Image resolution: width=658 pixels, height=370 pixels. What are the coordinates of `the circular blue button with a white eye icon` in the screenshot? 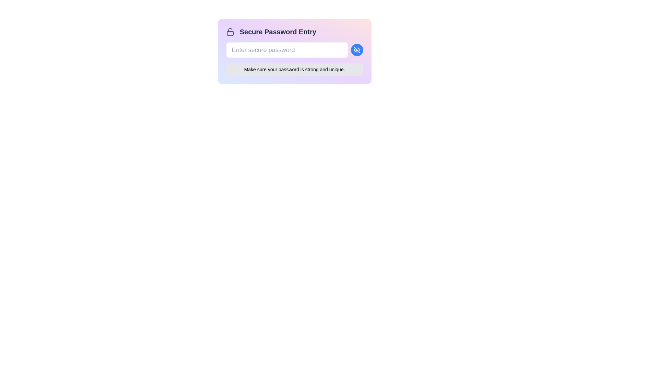 It's located at (356, 50).